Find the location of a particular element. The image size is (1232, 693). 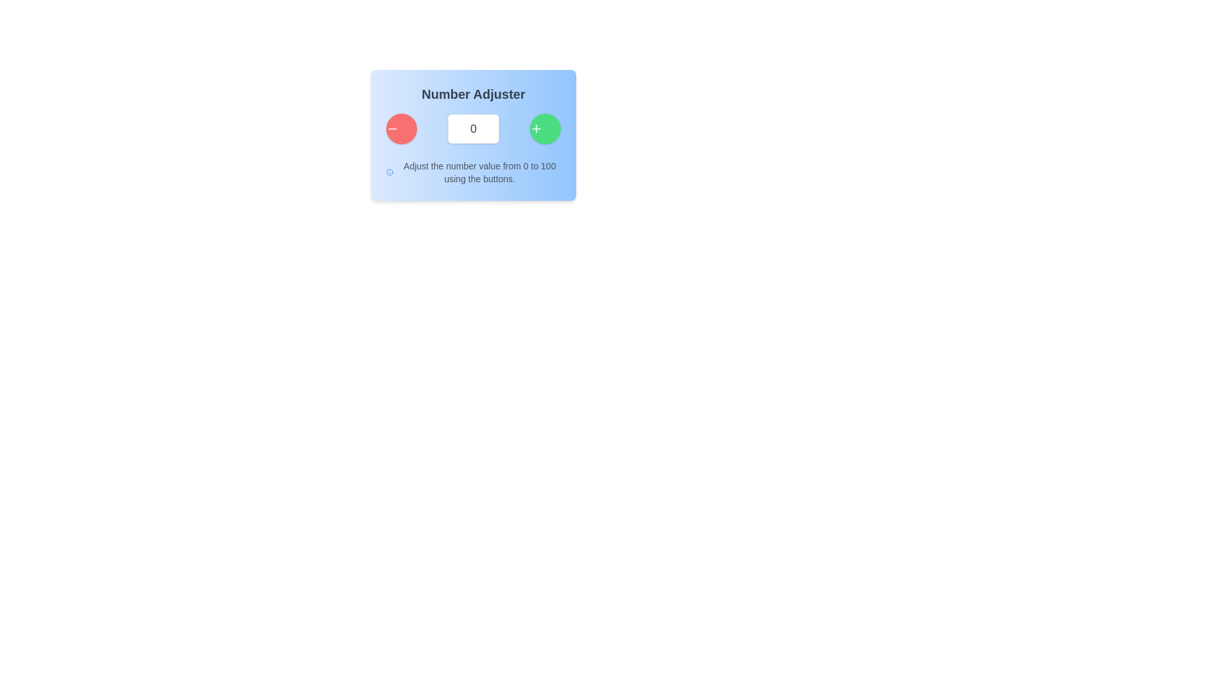

the green circular button with a plus sign on the right side of the Interactive control group in the 'Number Adjuster' card to increase the number is located at coordinates (473, 128).